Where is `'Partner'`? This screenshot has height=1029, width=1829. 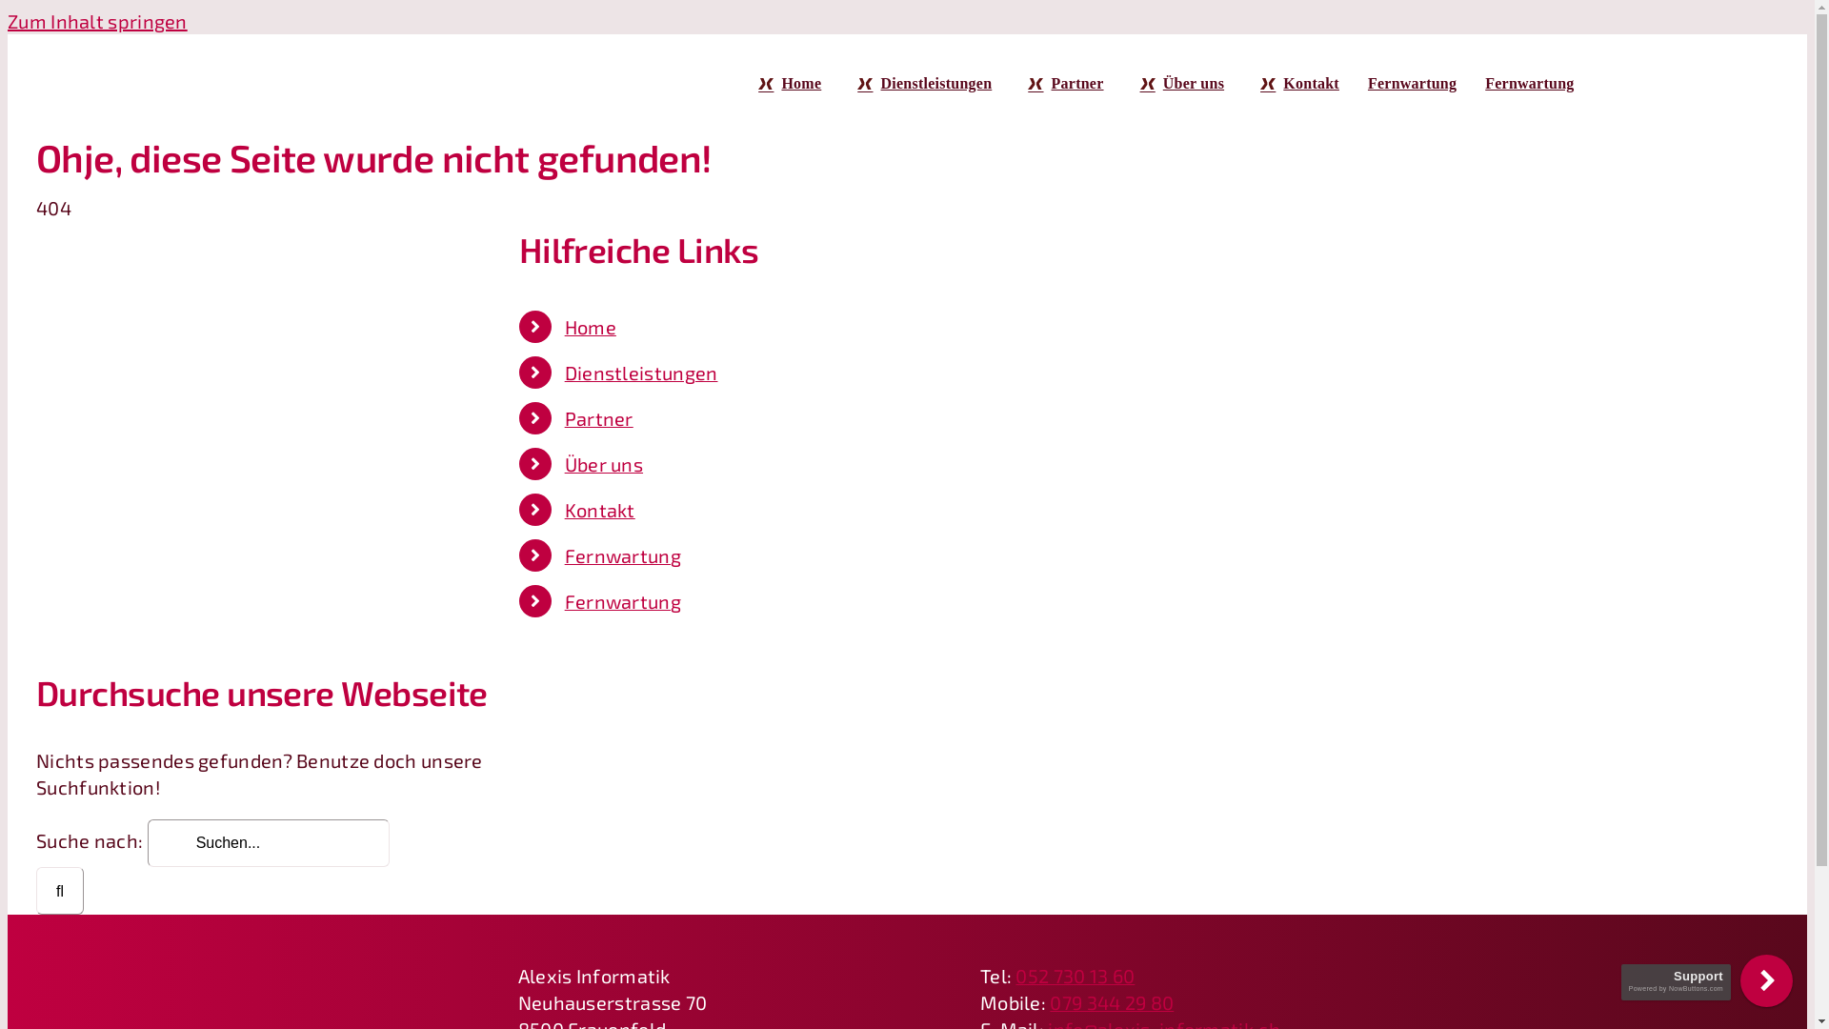
'Partner' is located at coordinates (1018, 83).